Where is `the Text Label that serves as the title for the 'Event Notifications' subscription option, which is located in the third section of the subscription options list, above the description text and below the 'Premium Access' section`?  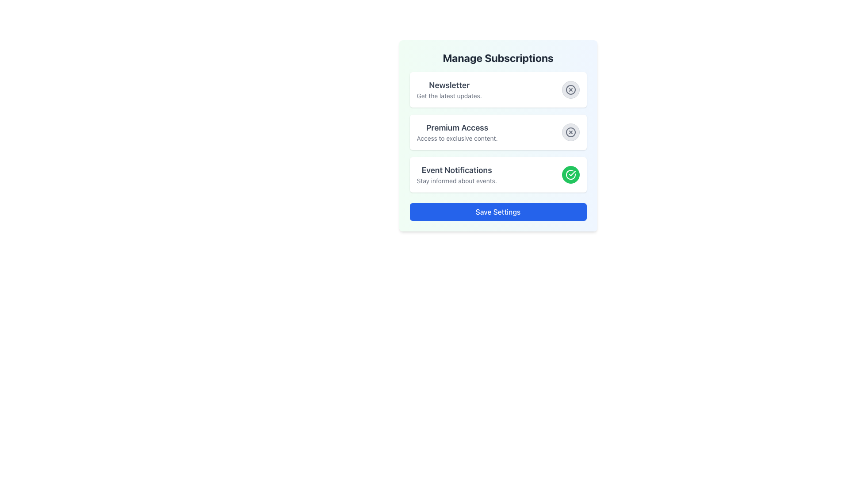 the Text Label that serves as the title for the 'Event Notifications' subscription option, which is located in the third section of the subscription options list, above the description text and below the 'Premium Access' section is located at coordinates (457, 170).